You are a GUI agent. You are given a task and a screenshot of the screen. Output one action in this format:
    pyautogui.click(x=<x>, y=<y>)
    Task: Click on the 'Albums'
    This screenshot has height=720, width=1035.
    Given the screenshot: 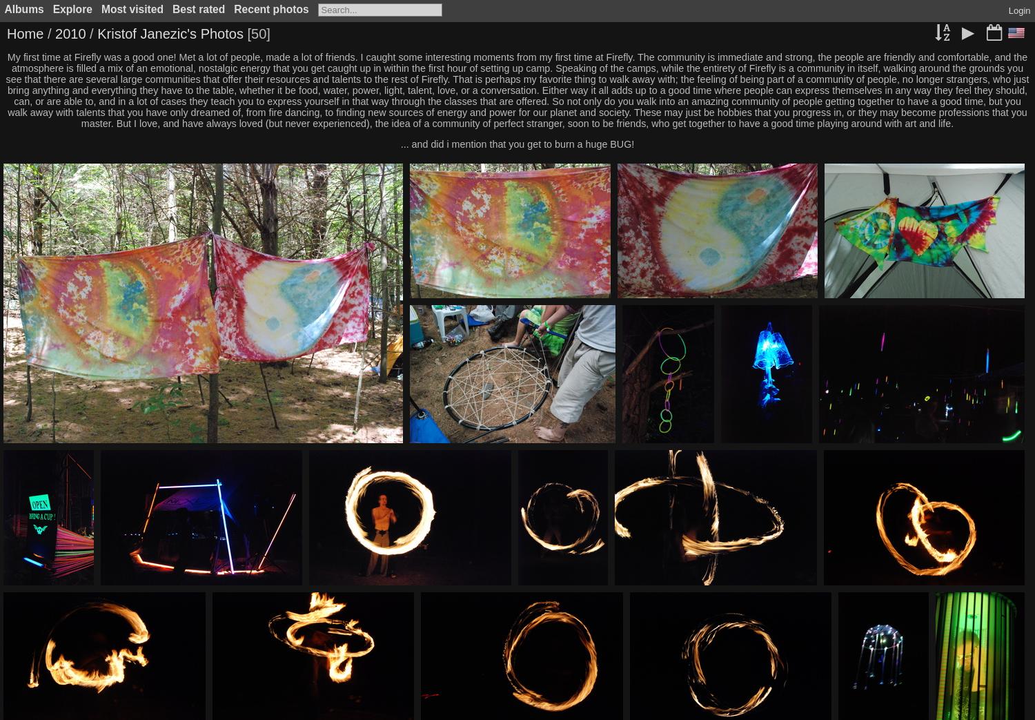 What is the action you would take?
    pyautogui.click(x=23, y=8)
    